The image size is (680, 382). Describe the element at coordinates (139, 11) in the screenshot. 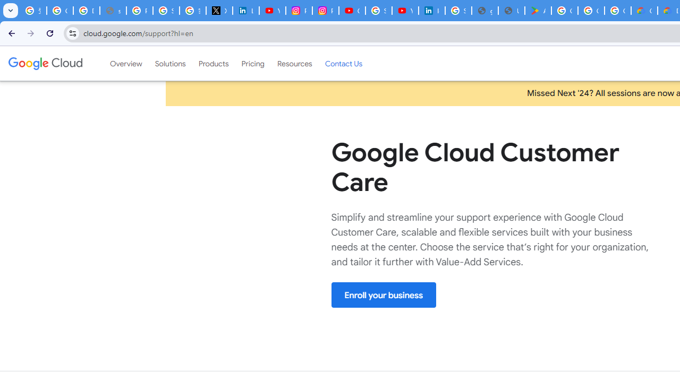

I see `'Privacy Help Center - Policies Help'` at that location.